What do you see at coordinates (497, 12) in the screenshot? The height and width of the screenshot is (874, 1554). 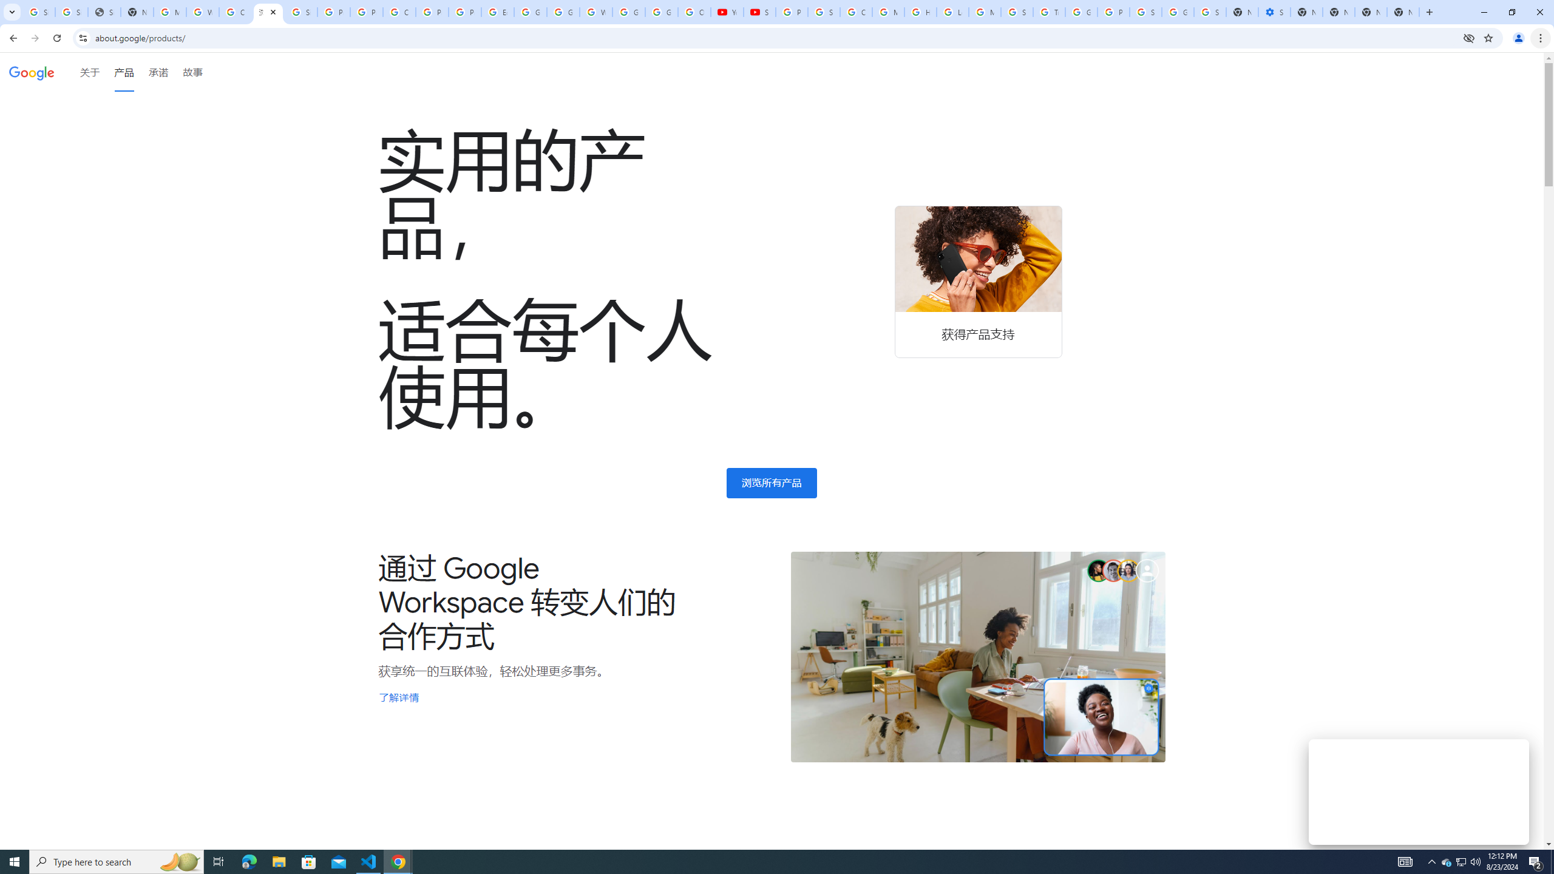 I see `'Edit and view right-to-left text - Google Docs Editors Help'` at bounding box center [497, 12].